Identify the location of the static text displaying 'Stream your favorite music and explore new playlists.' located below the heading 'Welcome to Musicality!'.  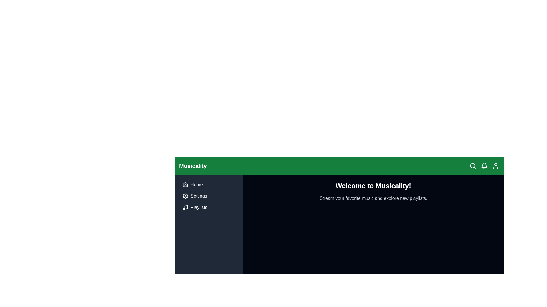
(373, 198).